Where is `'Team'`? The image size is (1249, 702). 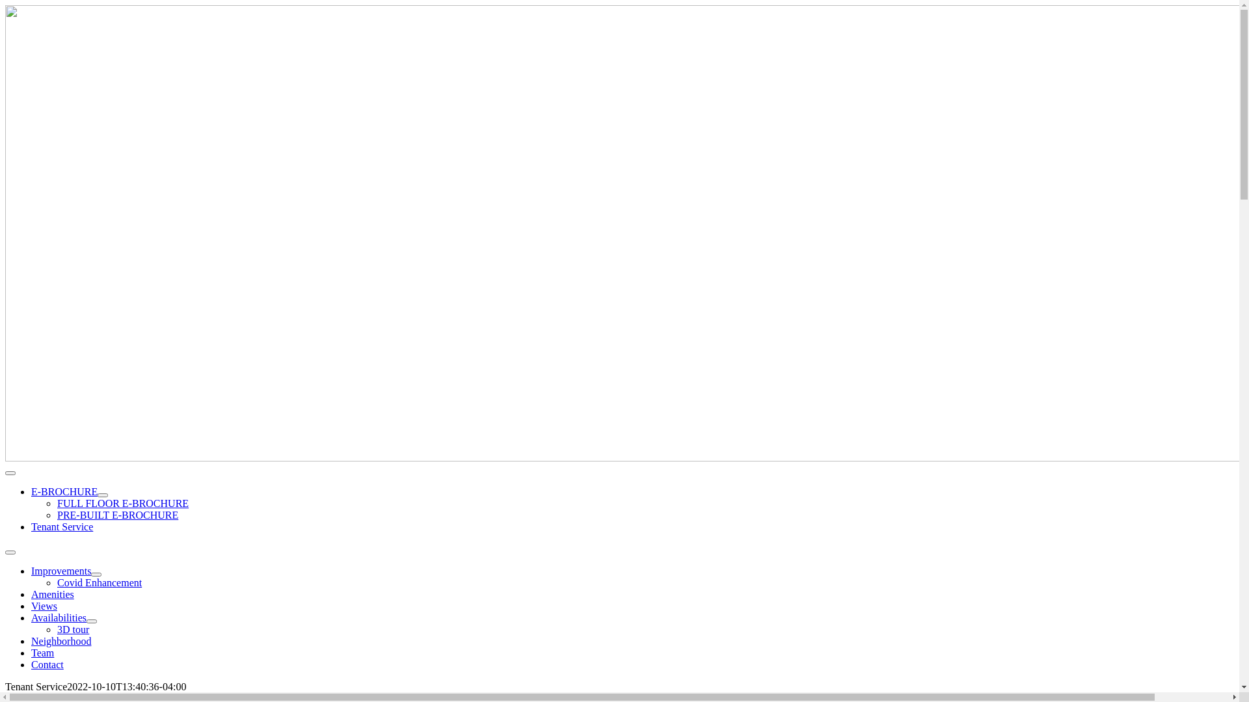
'Team' is located at coordinates (42, 653).